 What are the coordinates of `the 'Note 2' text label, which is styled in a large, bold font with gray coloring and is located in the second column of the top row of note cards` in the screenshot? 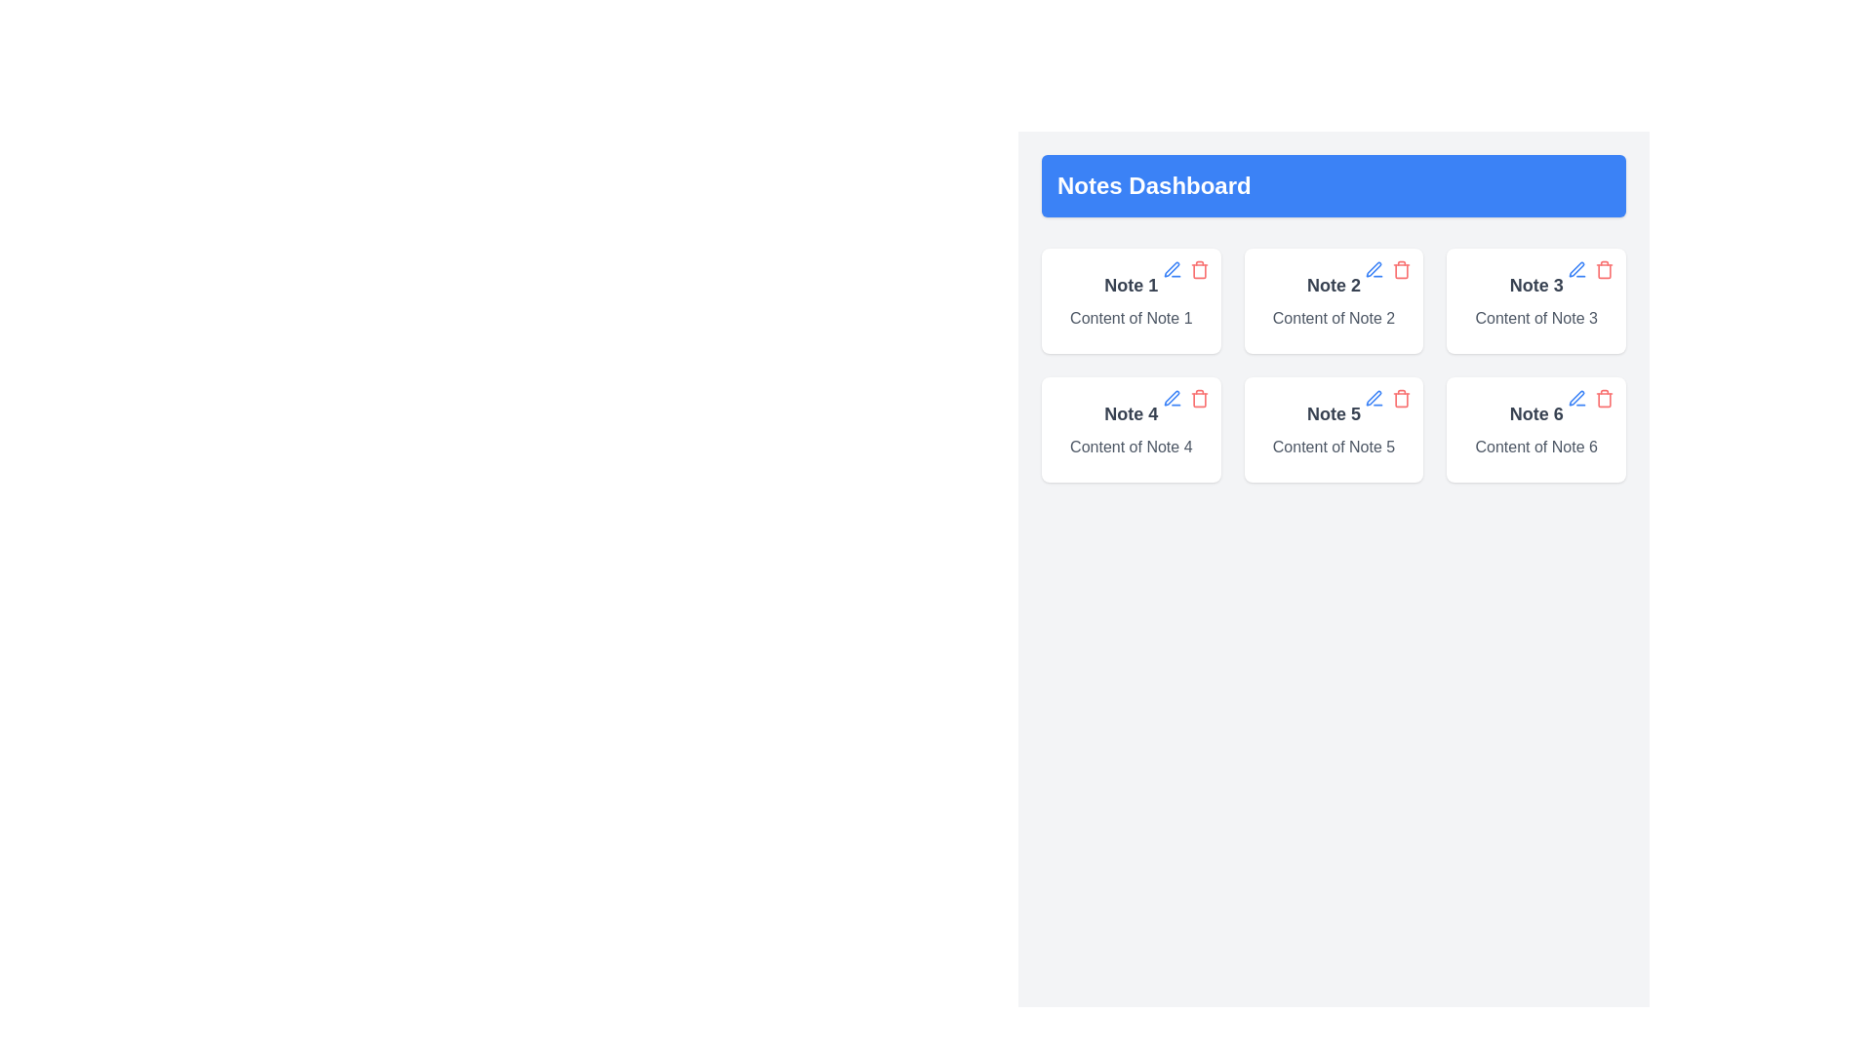 It's located at (1333, 286).